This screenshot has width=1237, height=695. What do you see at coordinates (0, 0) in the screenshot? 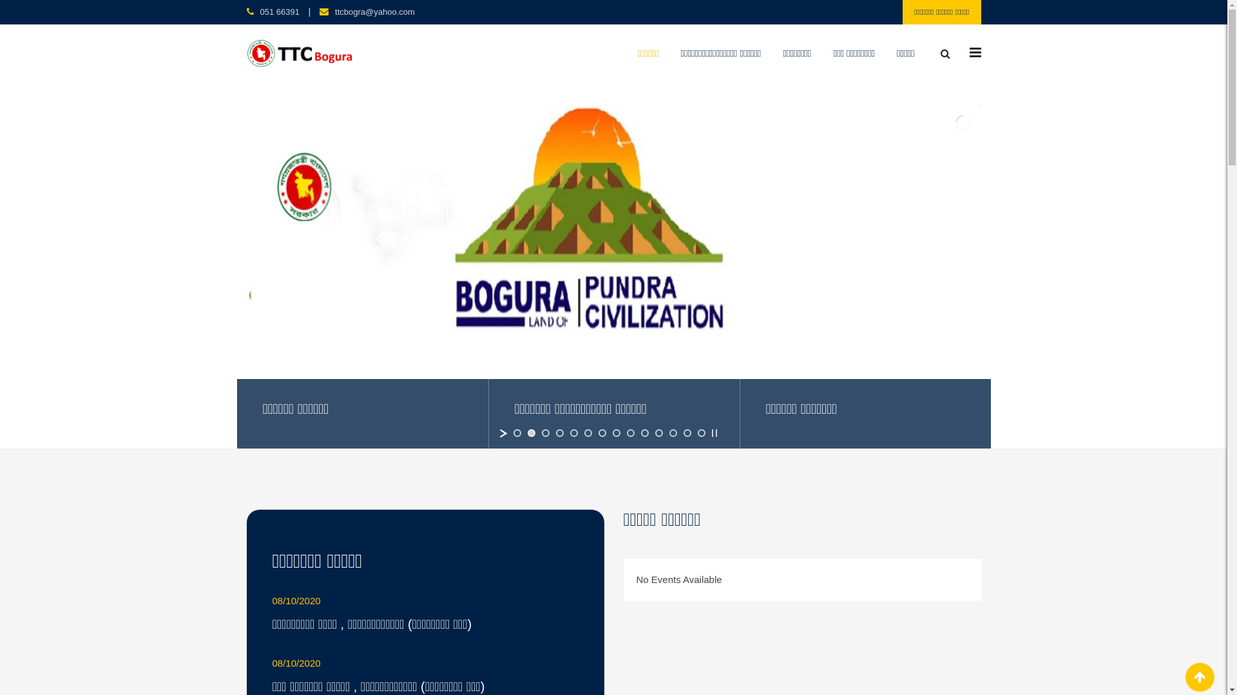
I see `'Skip to content'` at bounding box center [0, 0].